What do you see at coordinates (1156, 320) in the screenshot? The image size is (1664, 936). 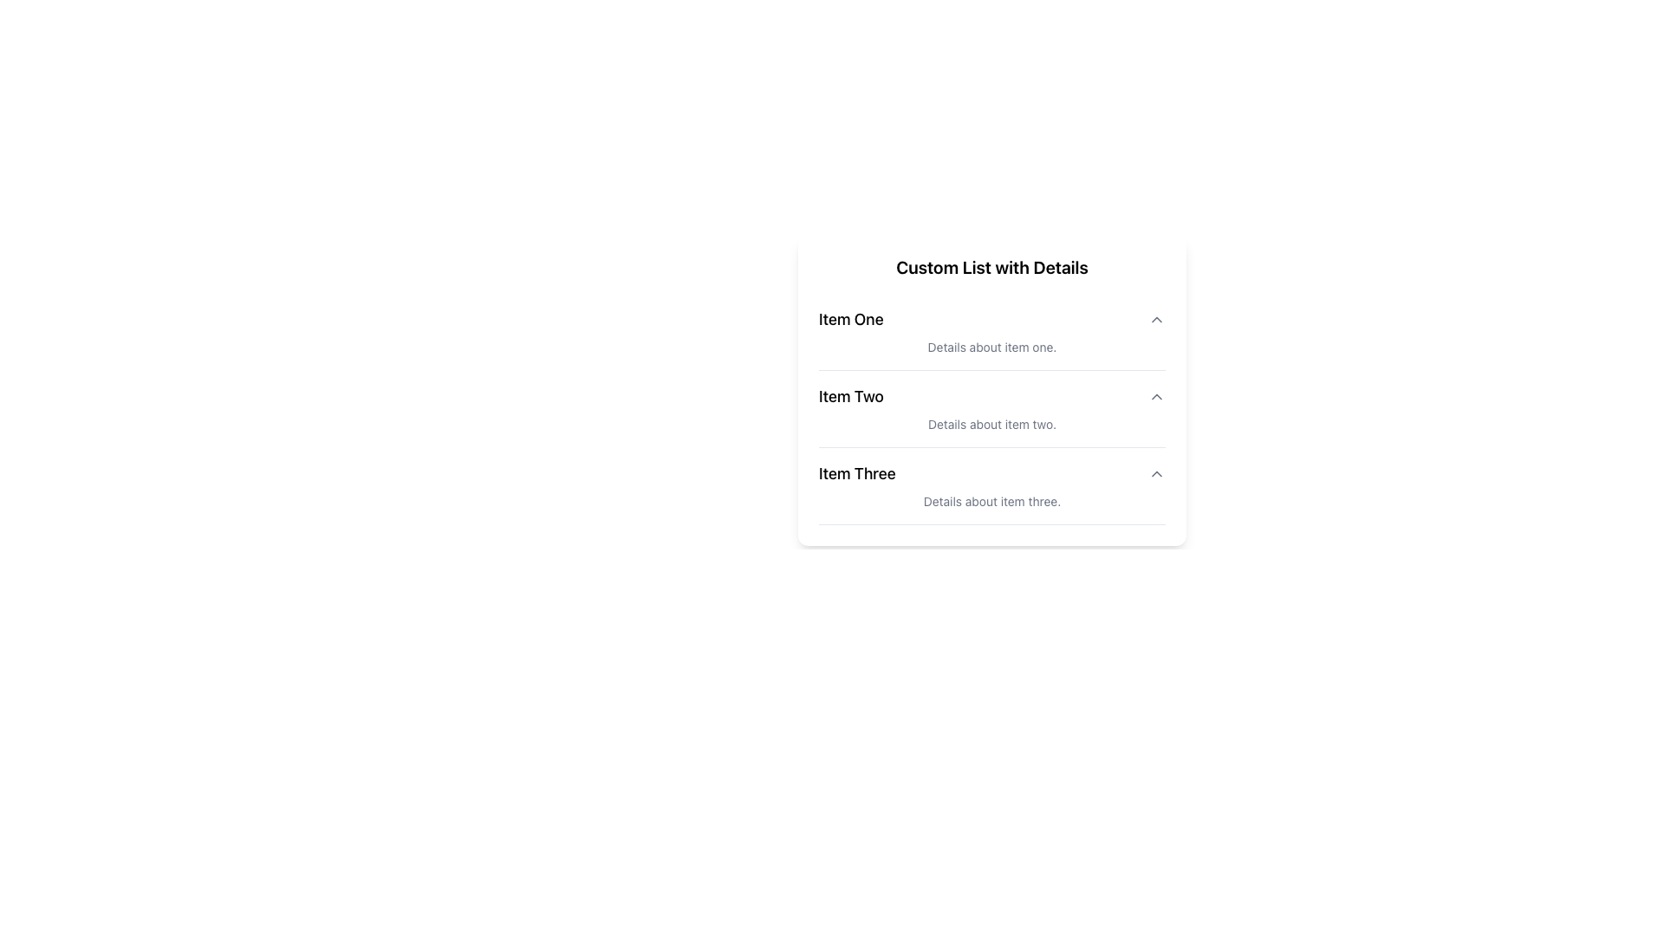 I see `the chevron button associated with 'Item One' to observe the style change` at bounding box center [1156, 320].